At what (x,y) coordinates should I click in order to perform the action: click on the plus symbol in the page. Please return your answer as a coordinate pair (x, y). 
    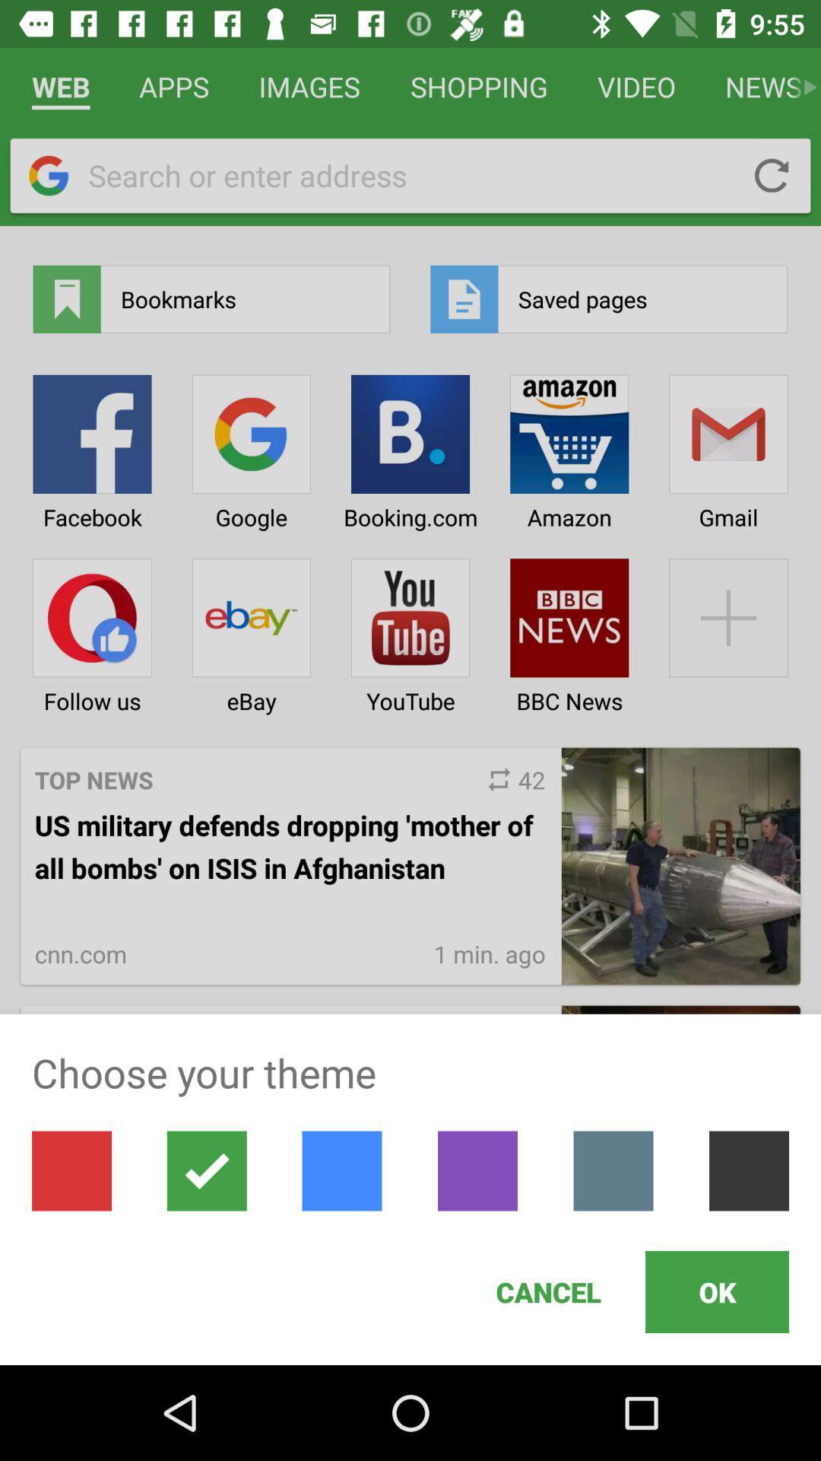
    Looking at the image, I should click on (728, 631).